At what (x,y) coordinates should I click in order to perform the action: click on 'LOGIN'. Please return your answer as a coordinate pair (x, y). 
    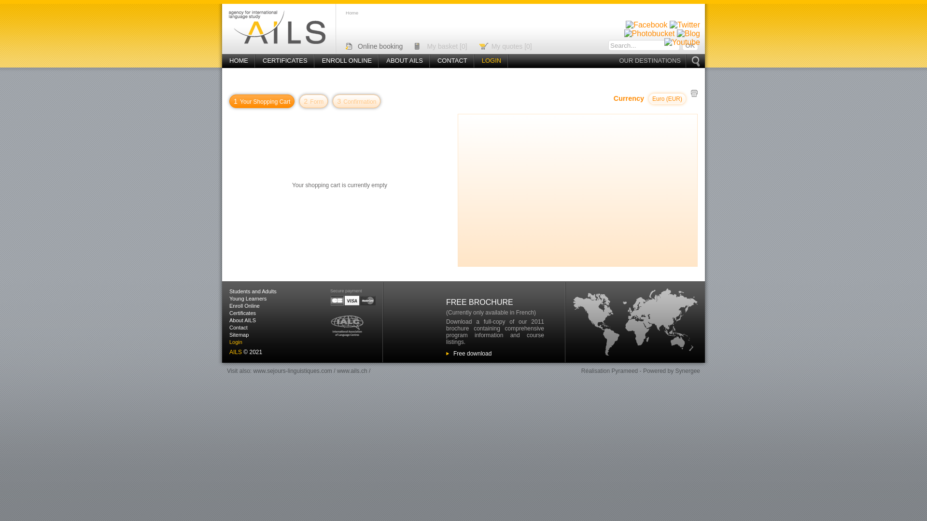
    Looking at the image, I should click on (491, 61).